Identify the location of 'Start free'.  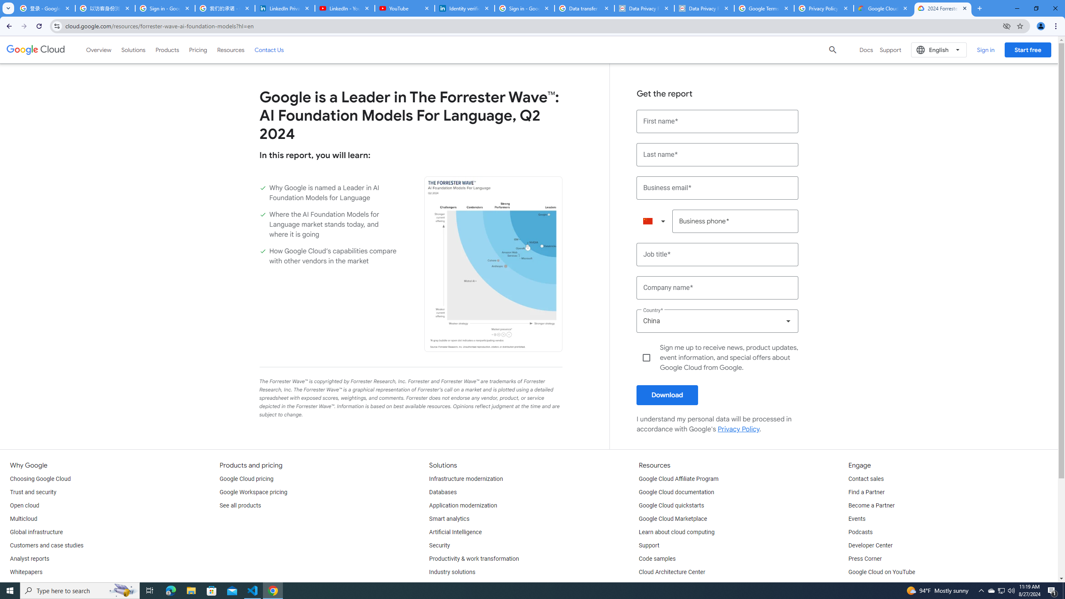
(1028, 49).